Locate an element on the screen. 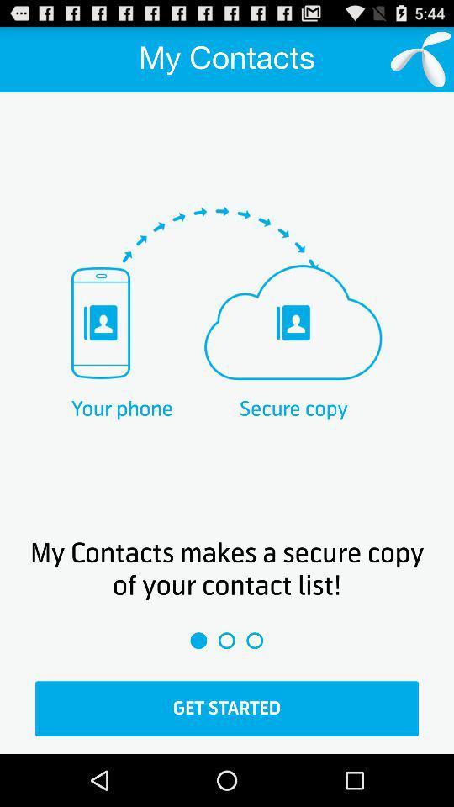  the get started is located at coordinates (227, 708).